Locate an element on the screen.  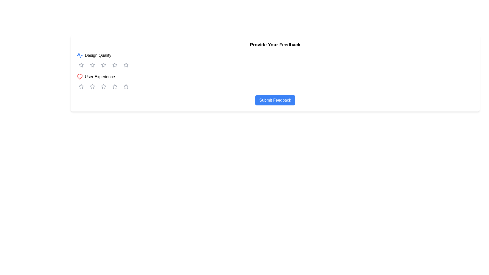
the fifth star-shaped icon in the rating system under the 'Design Quality' label is located at coordinates (126, 65).